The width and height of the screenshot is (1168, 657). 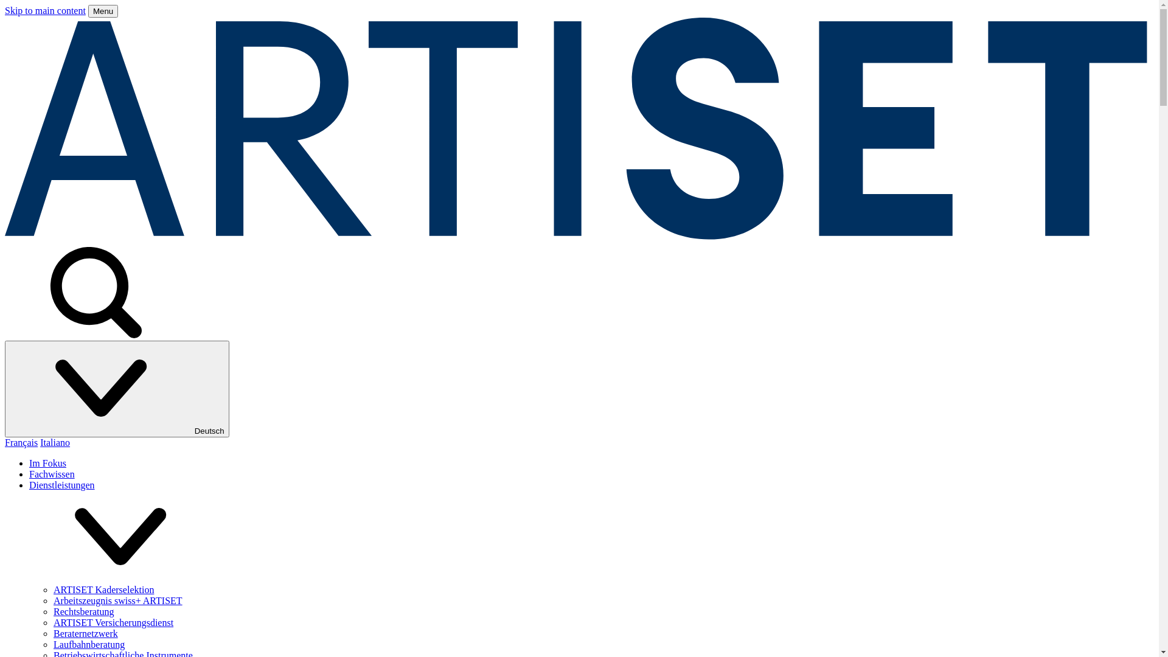 I want to click on 'Skip to main content', so click(x=45, y=10).